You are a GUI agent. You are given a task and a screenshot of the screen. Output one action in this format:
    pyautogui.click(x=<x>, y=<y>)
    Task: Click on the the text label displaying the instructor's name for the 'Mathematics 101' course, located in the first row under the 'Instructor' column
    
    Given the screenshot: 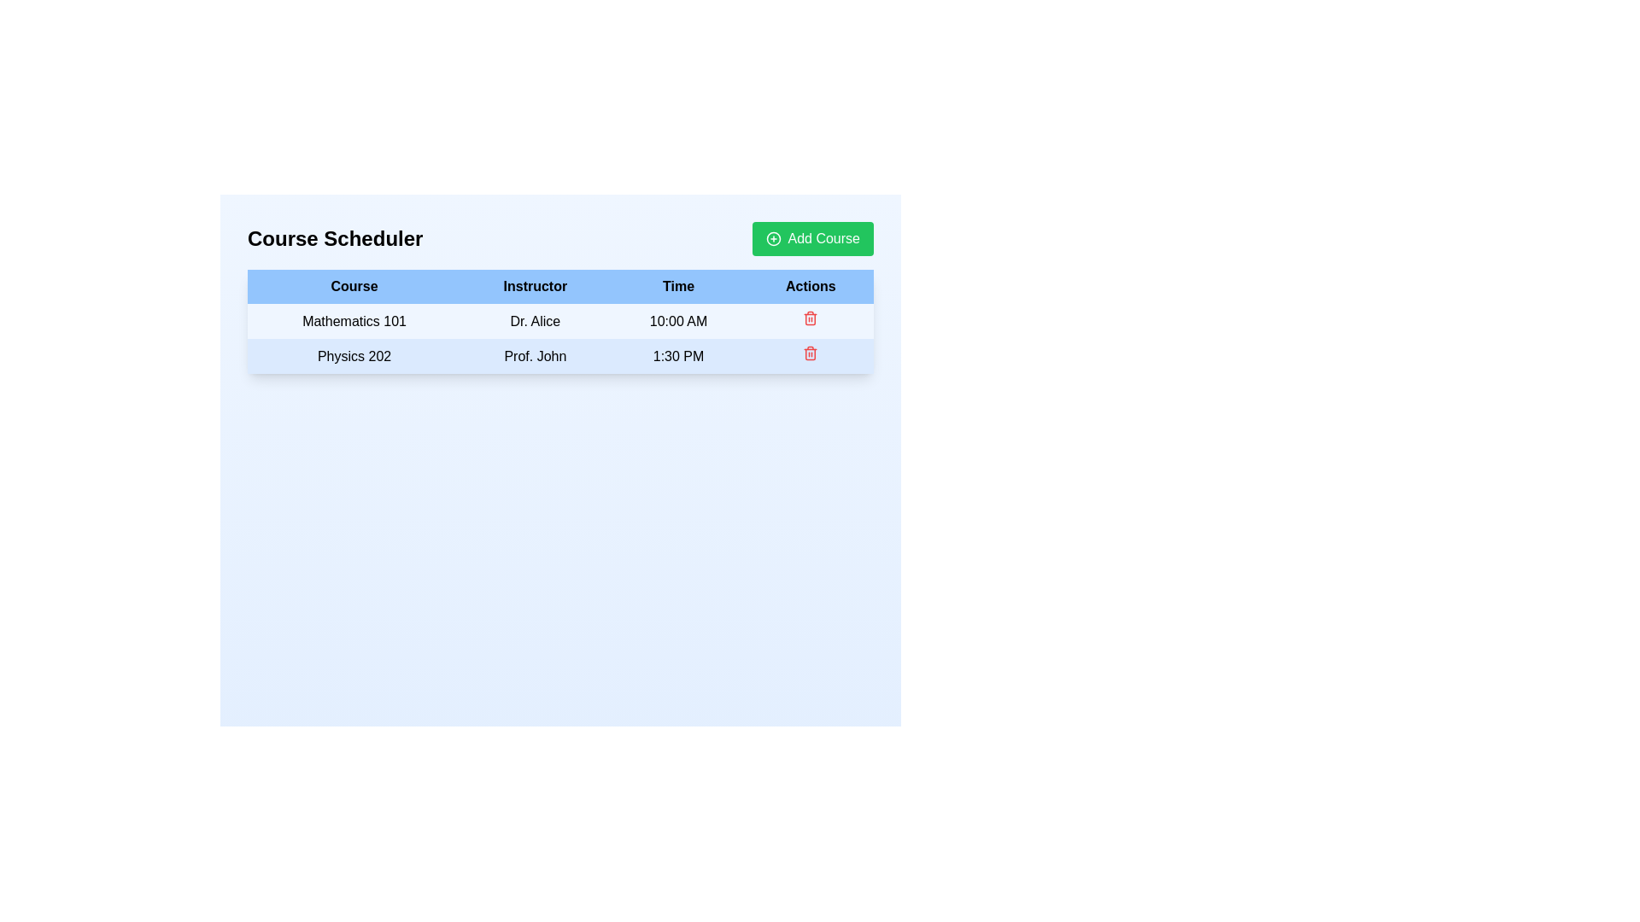 What is the action you would take?
    pyautogui.click(x=534, y=321)
    